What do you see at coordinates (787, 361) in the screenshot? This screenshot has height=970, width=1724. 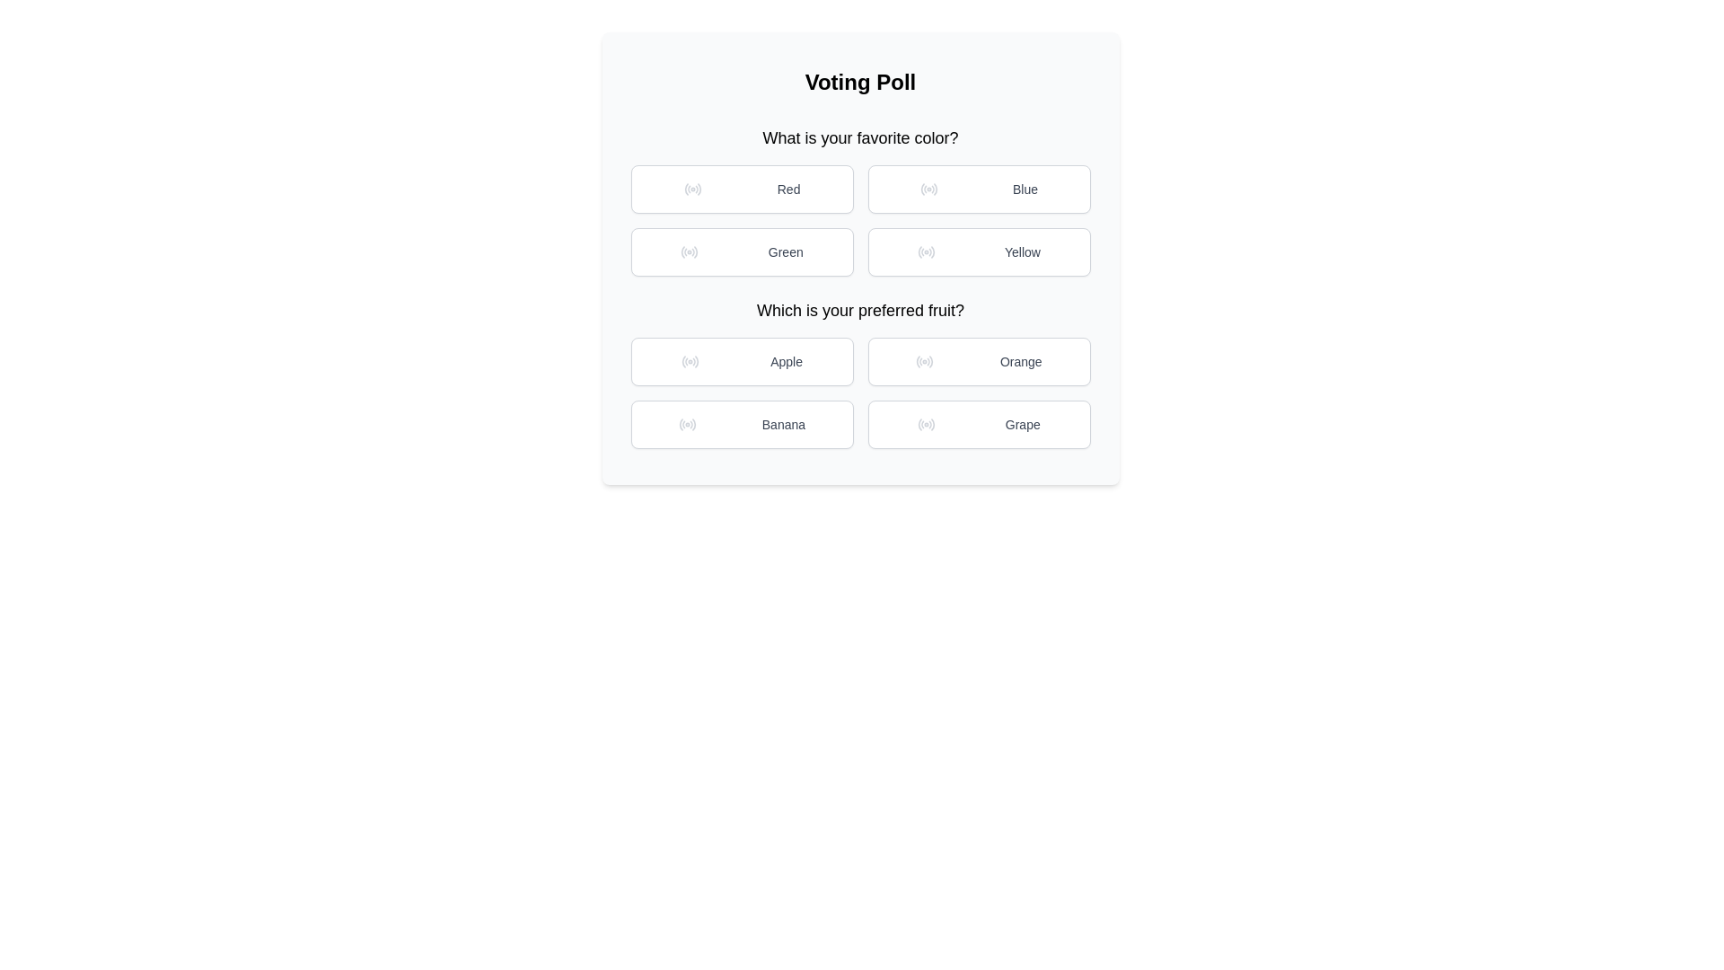 I see `the interactive button labeled 'Apple' which is the first option under 'Which is your preferred fruit?'` at bounding box center [787, 361].